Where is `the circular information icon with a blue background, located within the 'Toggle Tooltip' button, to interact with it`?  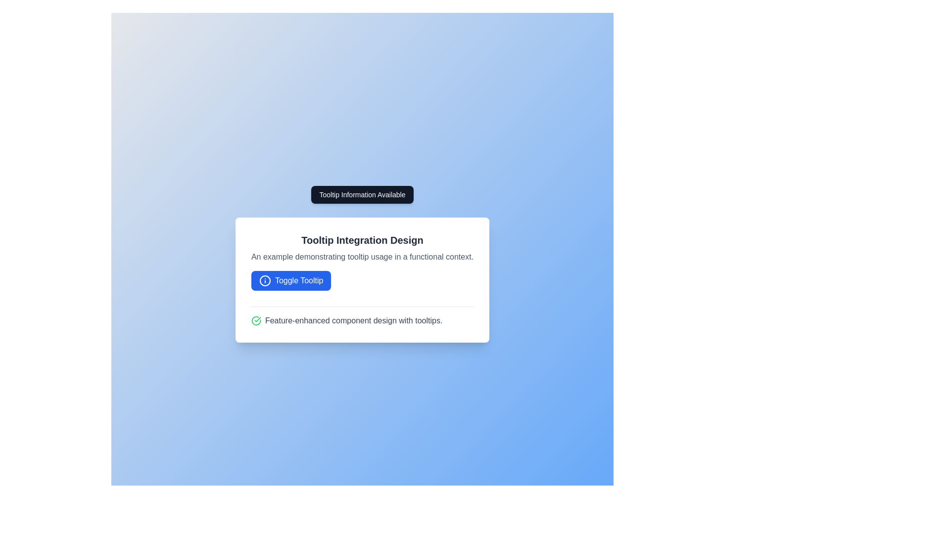 the circular information icon with a blue background, located within the 'Toggle Tooltip' button, to interact with it is located at coordinates (265, 280).